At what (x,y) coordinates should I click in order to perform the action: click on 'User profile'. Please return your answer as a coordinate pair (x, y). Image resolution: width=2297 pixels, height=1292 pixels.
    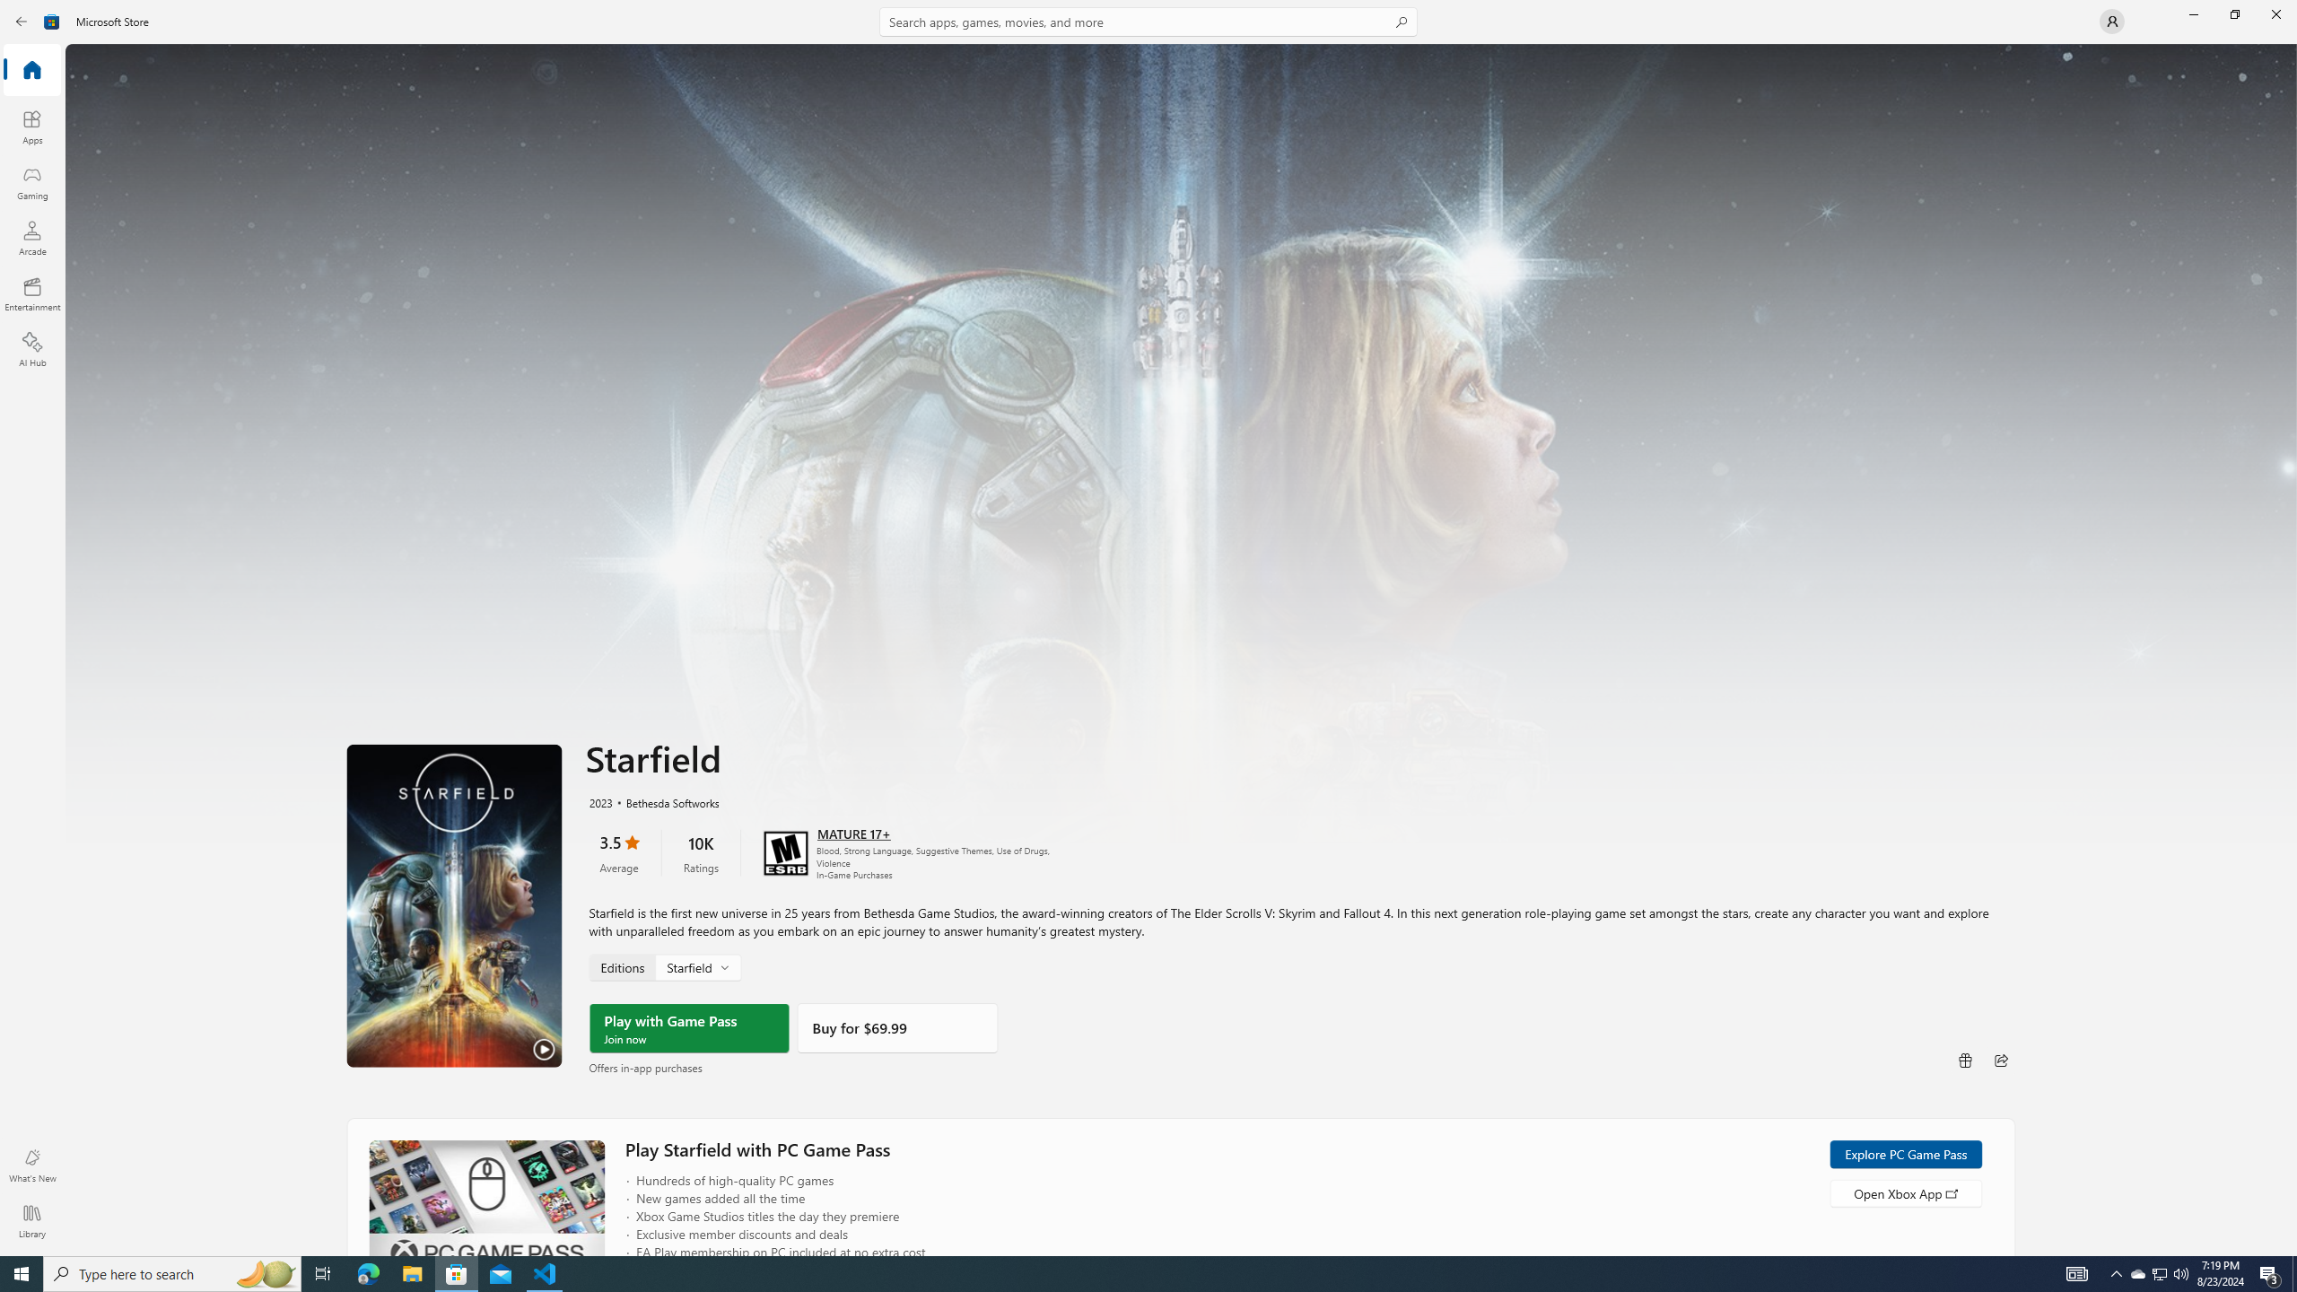
    Looking at the image, I should click on (2110, 20).